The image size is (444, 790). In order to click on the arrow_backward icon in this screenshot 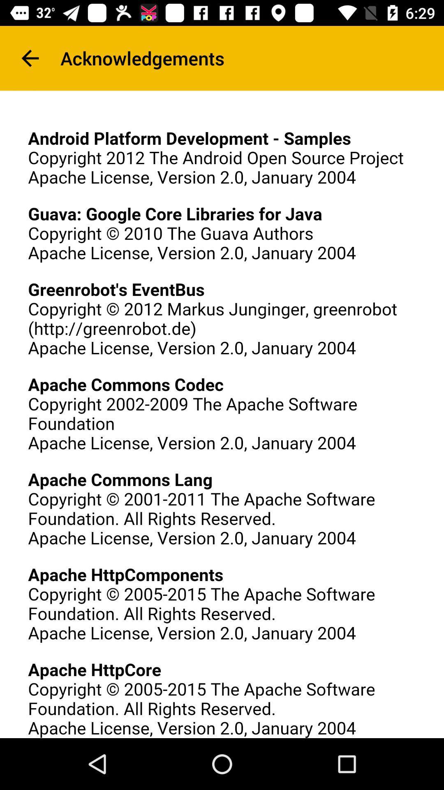, I will do `click(30, 58)`.